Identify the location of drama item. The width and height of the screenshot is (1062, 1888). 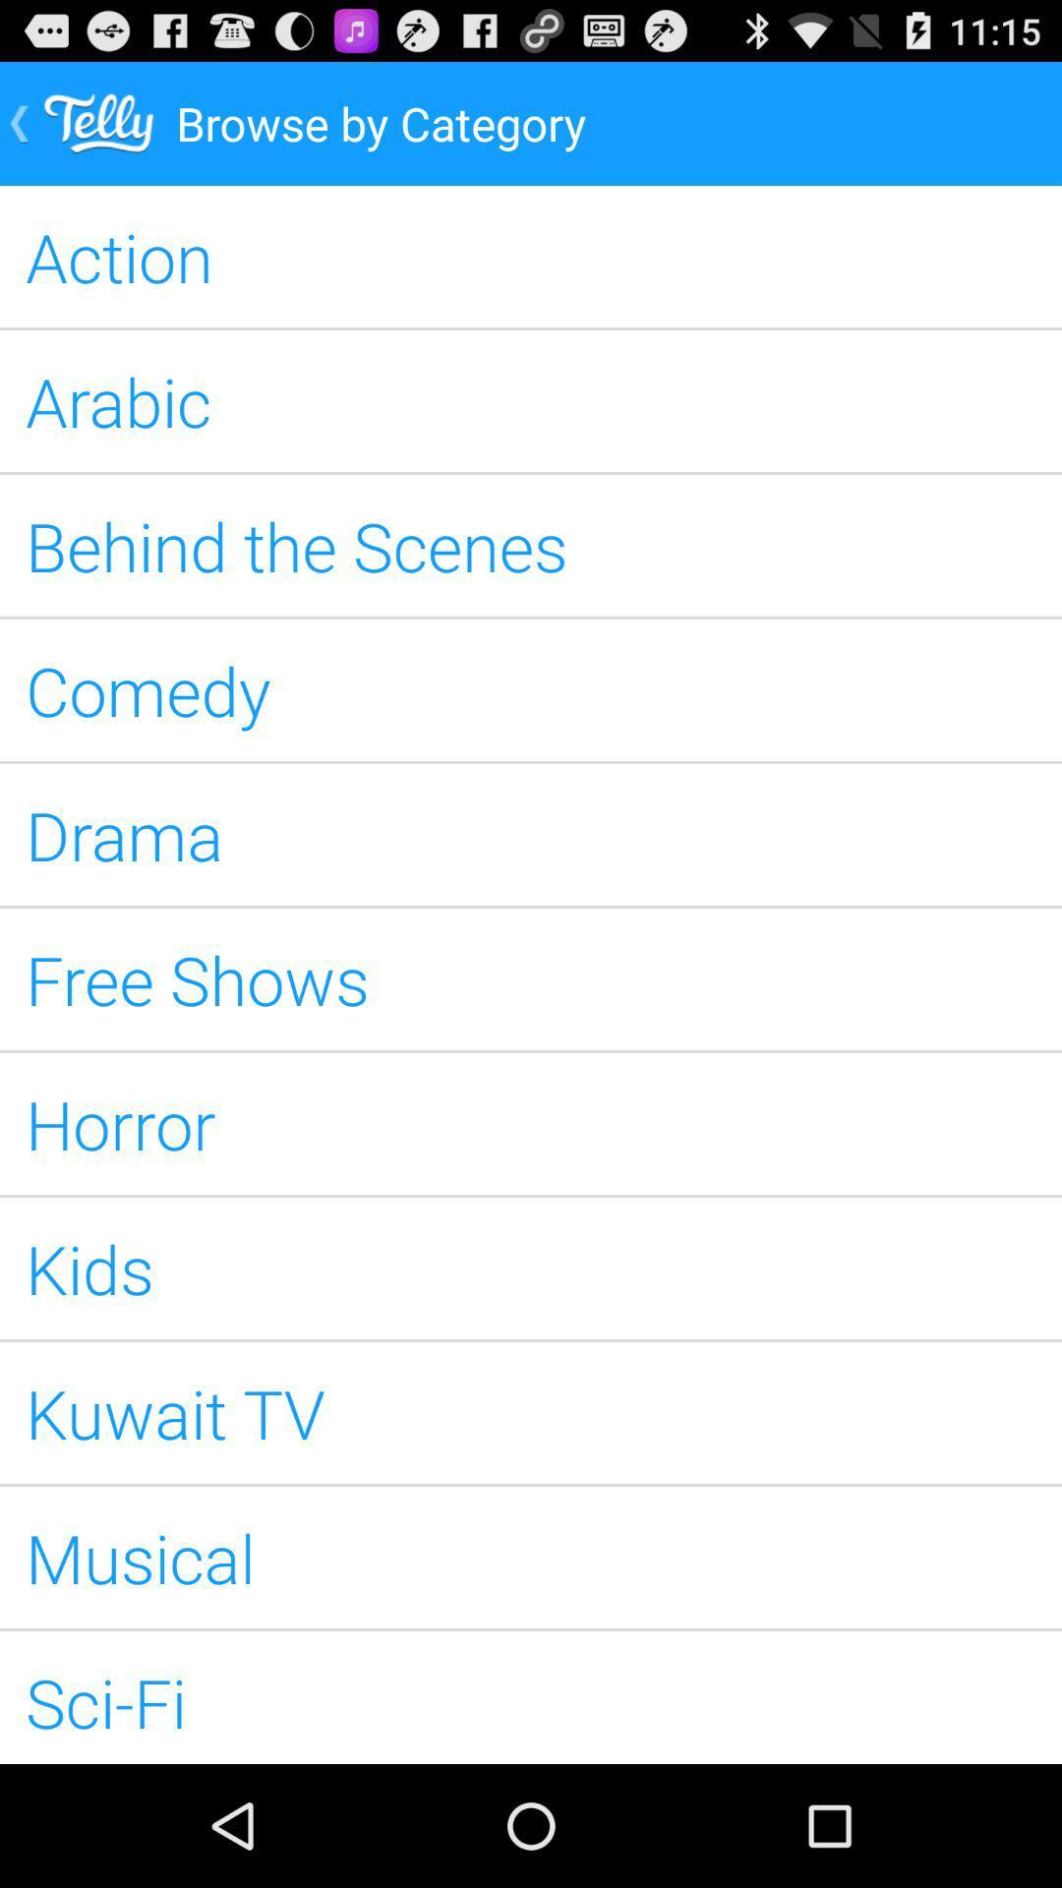
(531, 835).